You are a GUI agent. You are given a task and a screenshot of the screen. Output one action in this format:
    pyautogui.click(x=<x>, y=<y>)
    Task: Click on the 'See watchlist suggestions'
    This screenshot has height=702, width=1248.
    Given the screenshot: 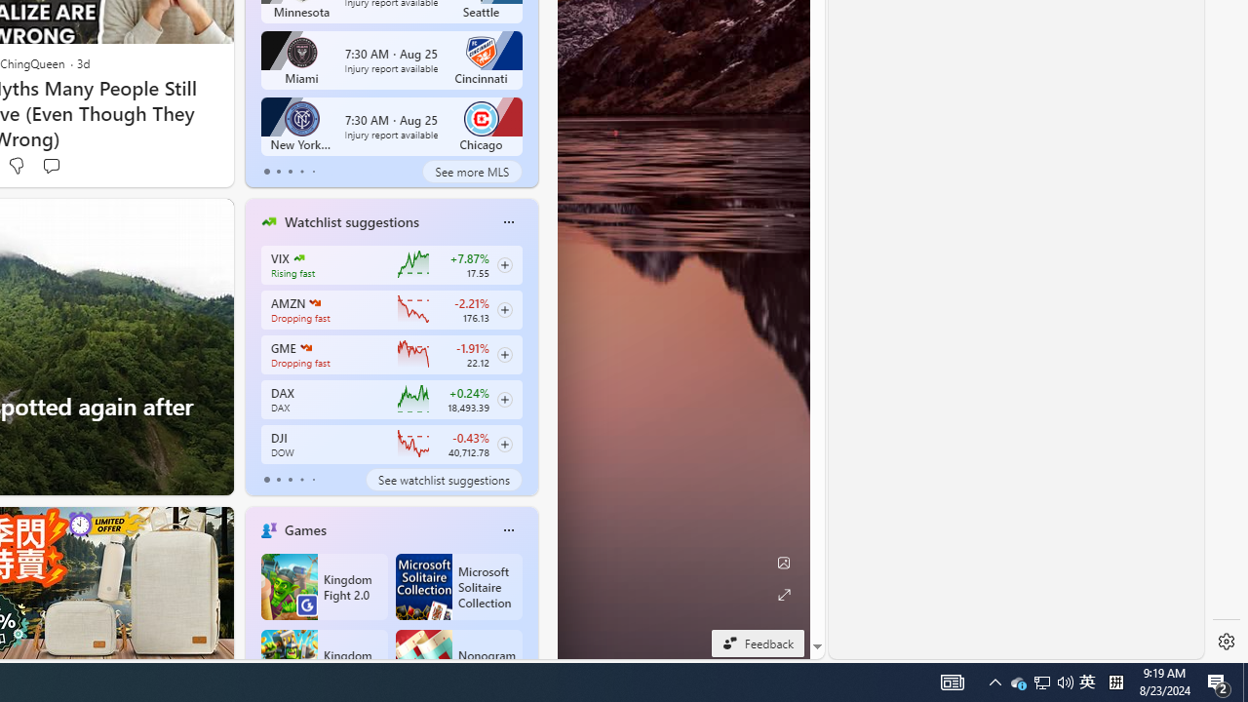 What is the action you would take?
    pyautogui.click(x=443, y=480)
    